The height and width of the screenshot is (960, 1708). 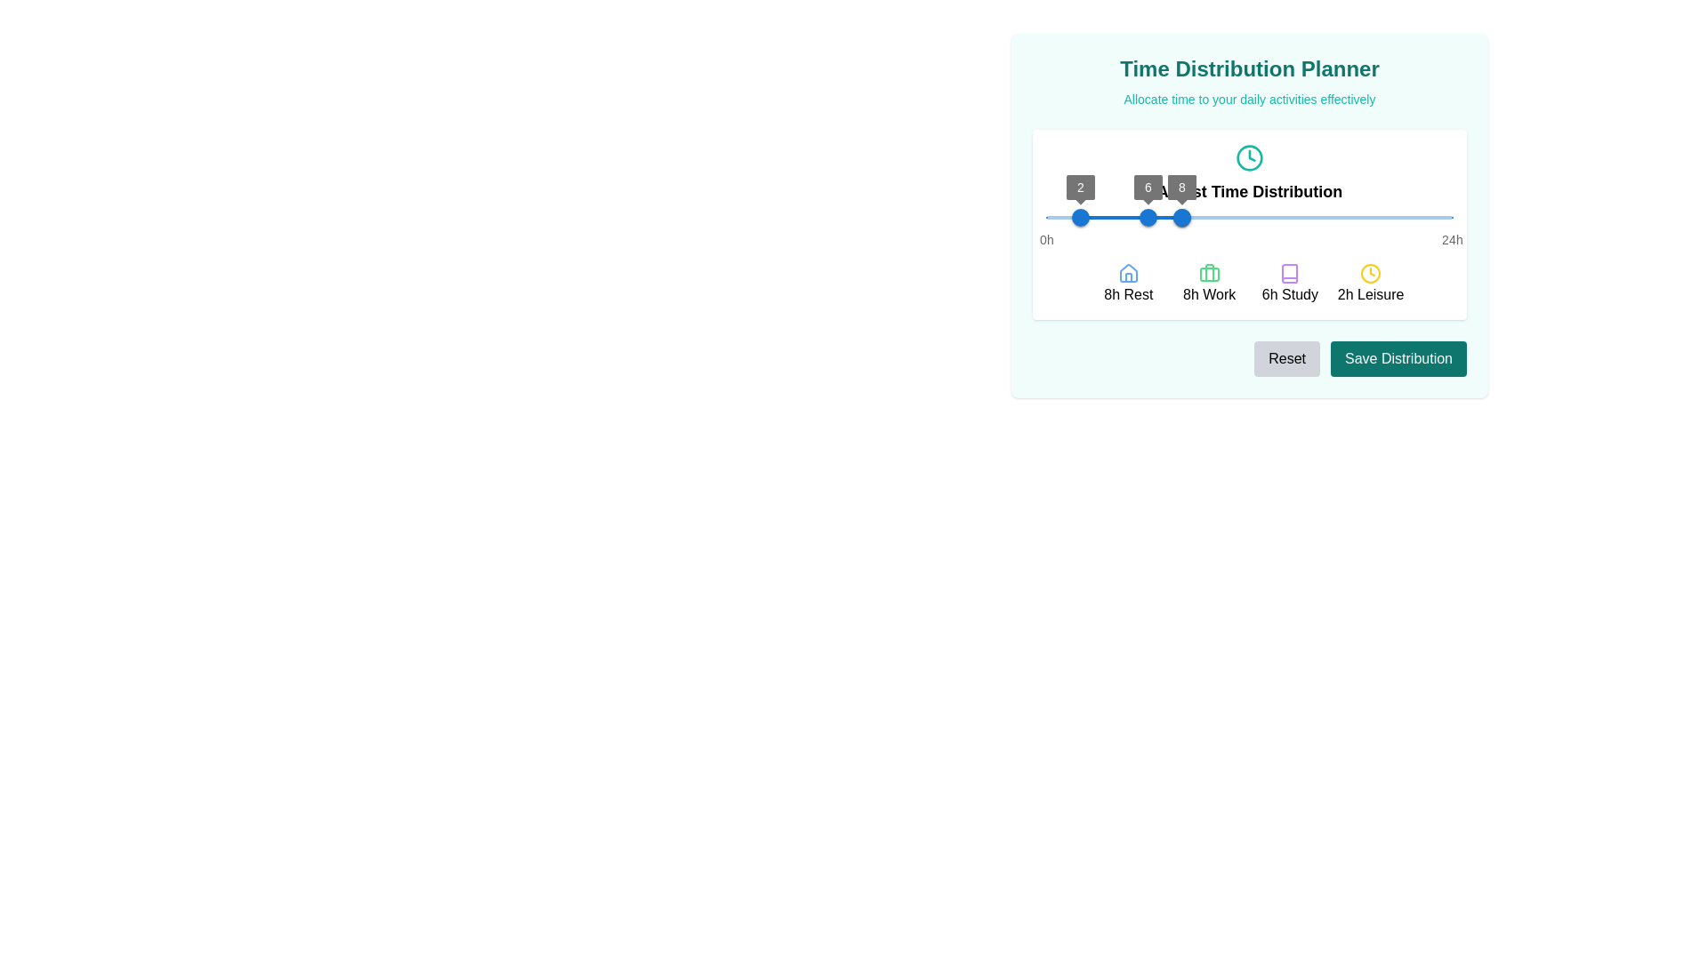 What do you see at coordinates (1027, 217) in the screenshot?
I see `the slider value` at bounding box center [1027, 217].